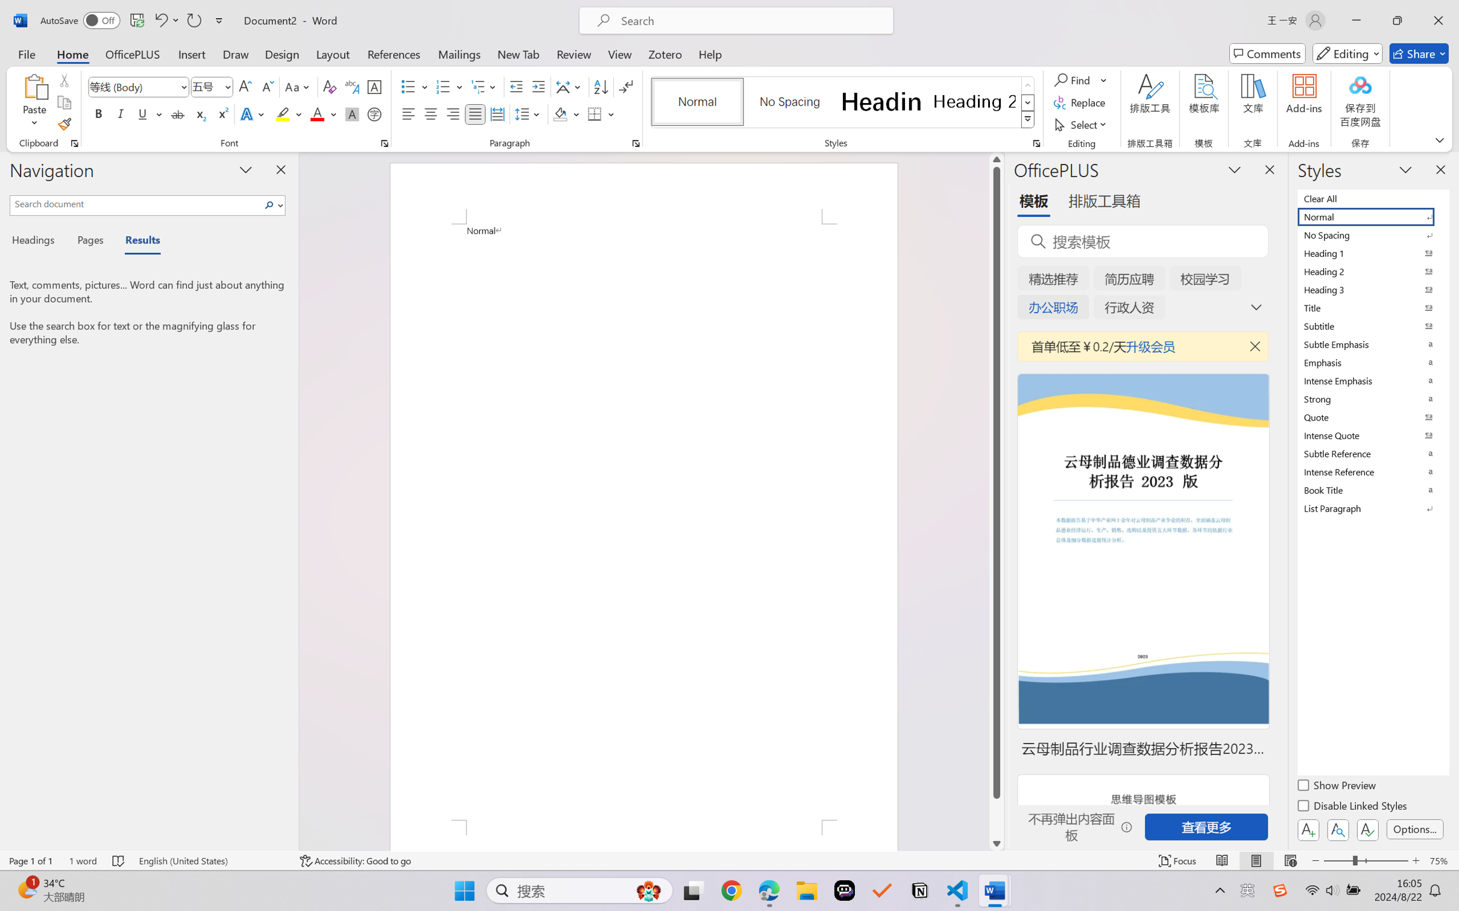  Describe the element at coordinates (193, 20) in the screenshot. I see `'Repeat Doc Close'` at that location.